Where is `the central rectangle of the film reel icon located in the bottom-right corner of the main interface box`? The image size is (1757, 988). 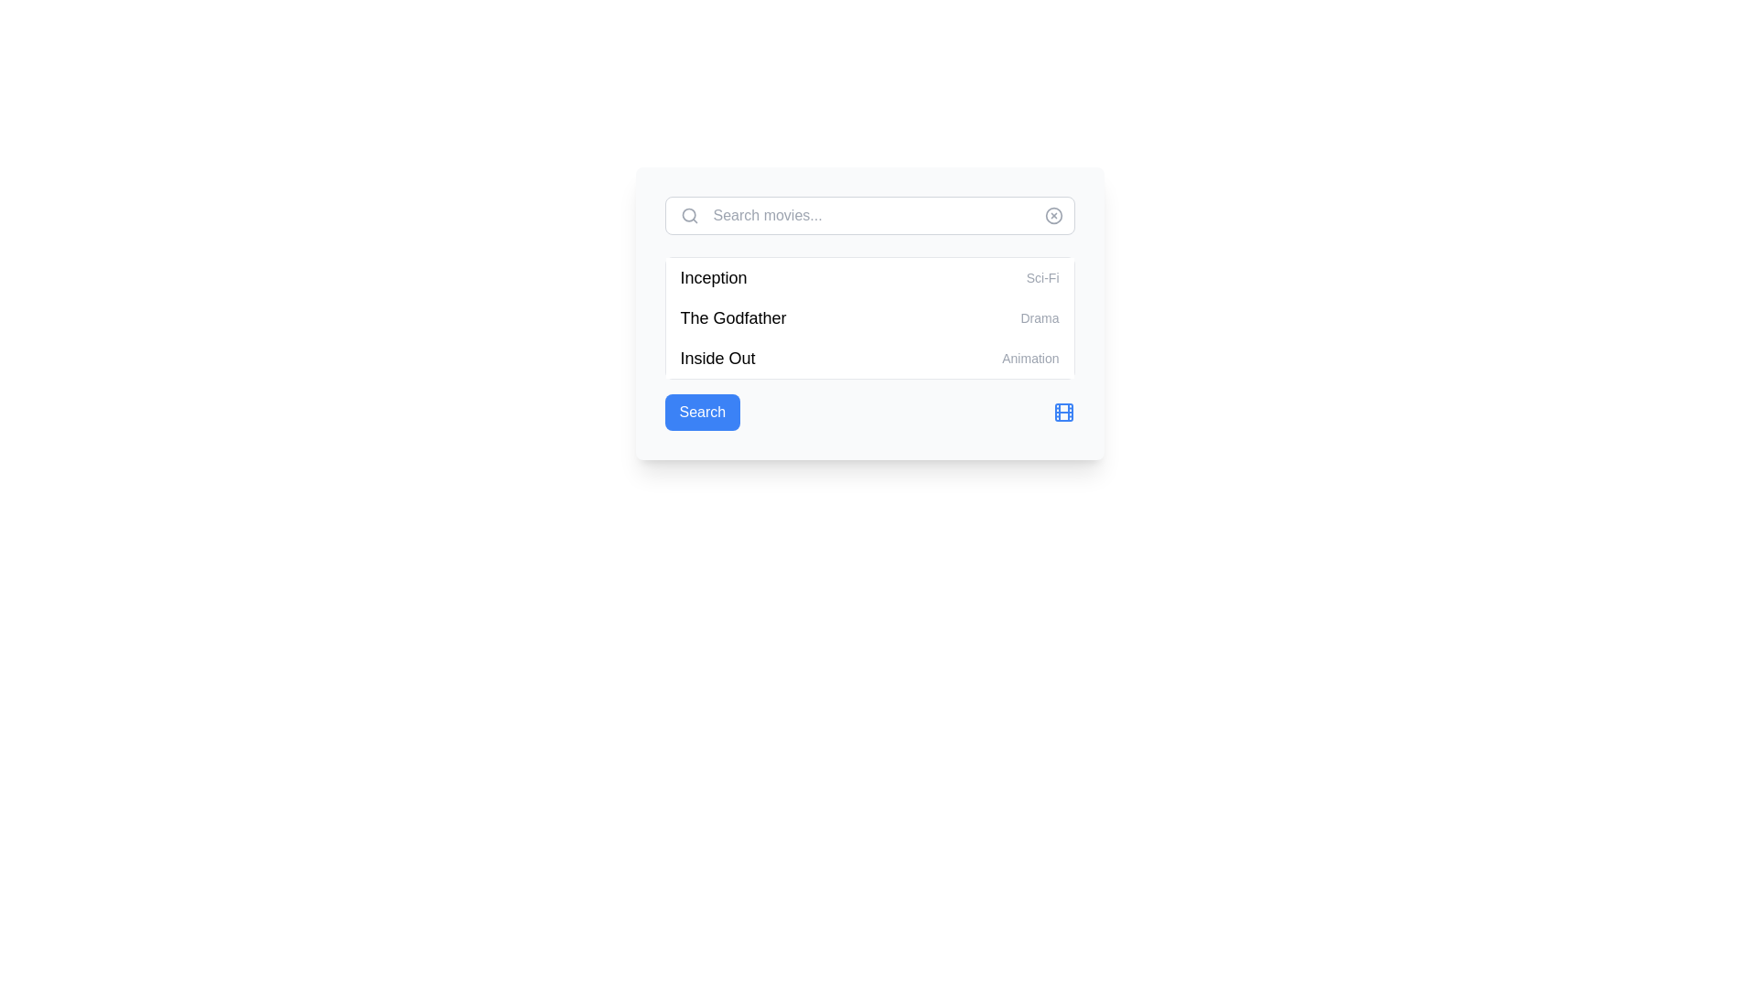 the central rectangle of the film reel icon located in the bottom-right corner of the main interface box is located at coordinates (1063, 413).